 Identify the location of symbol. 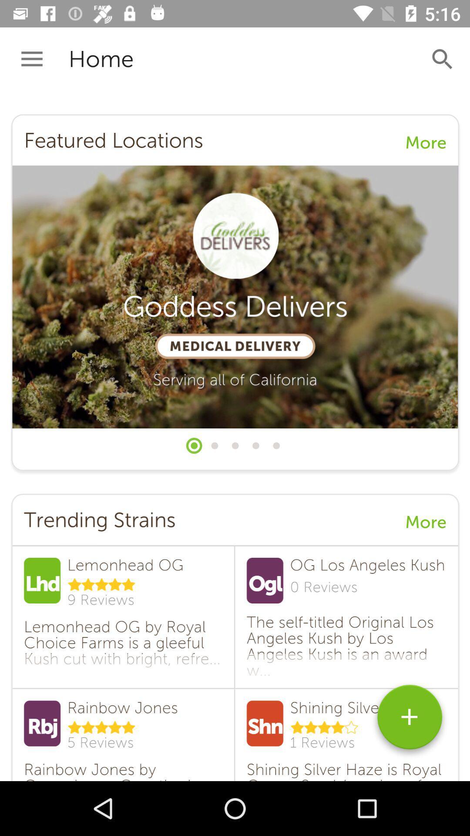
(410, 720).